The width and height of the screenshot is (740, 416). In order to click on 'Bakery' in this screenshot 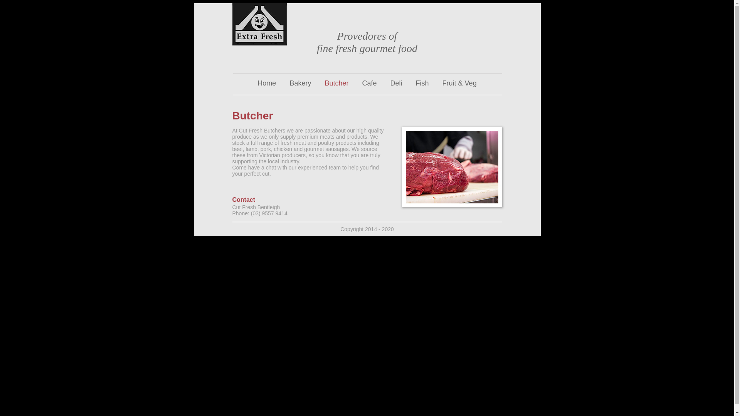, I will do `click(299, 83)`.